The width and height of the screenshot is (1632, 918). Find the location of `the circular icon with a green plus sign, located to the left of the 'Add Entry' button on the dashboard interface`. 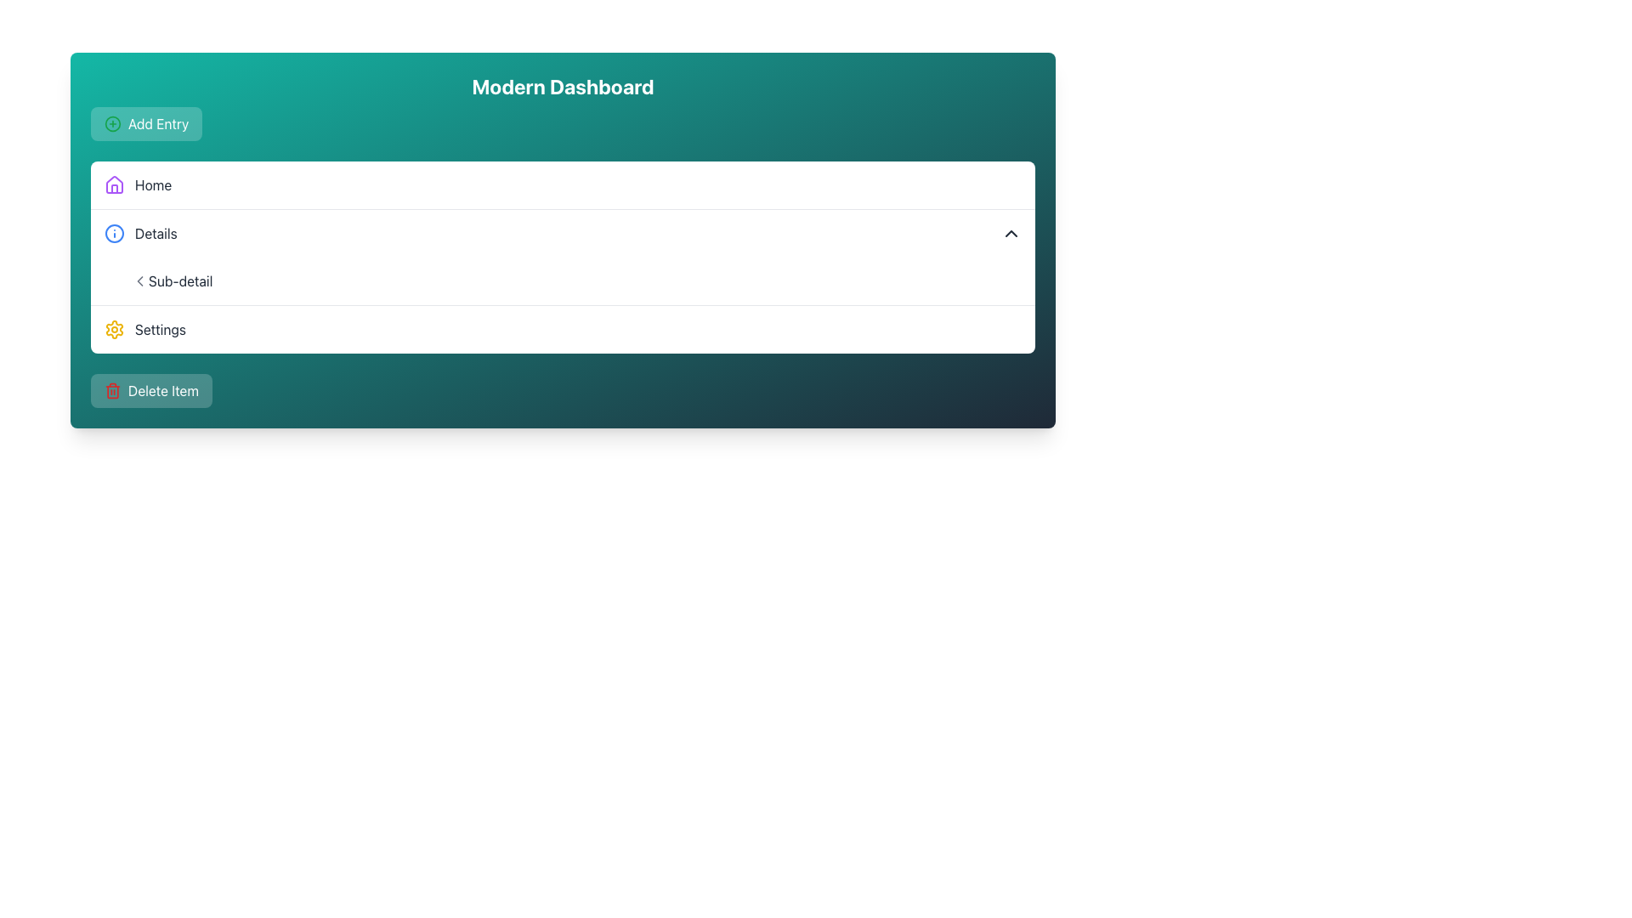

the circular icon with a green plus sign, located to the left of the 'Add Entry' button on the dashboard interface is located at coordinates (112, 123).